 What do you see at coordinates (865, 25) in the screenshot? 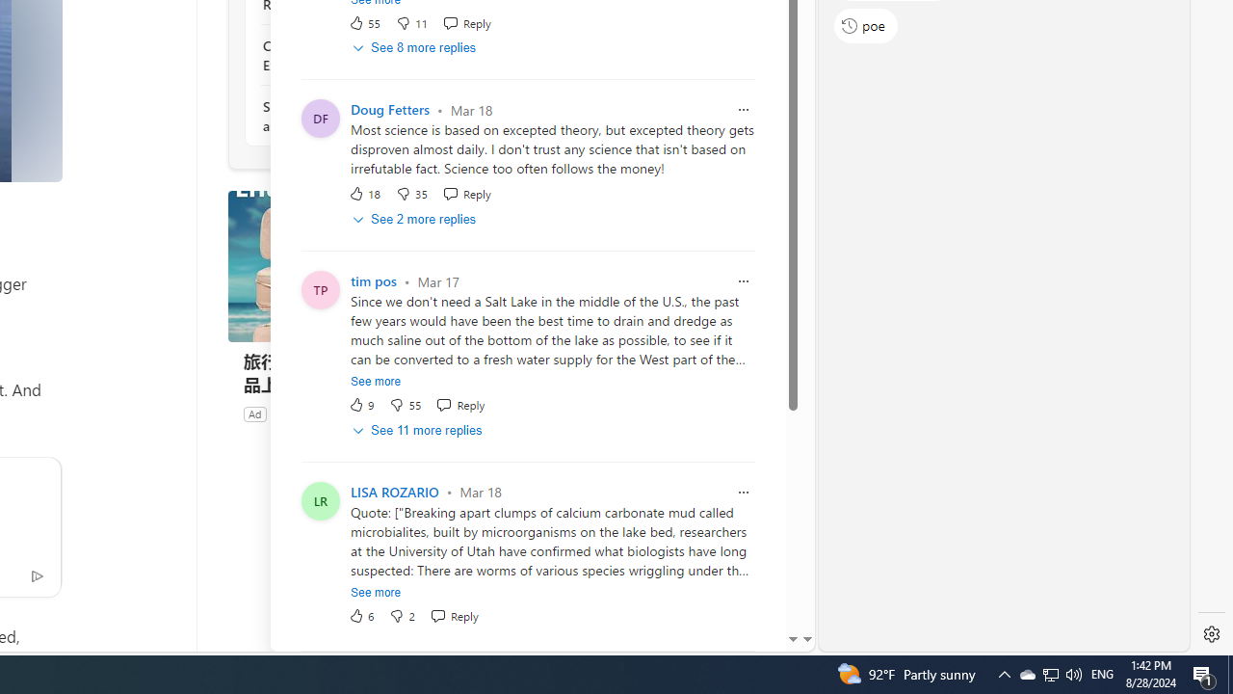
I see `'poe'` at bounding box center [865, 25].